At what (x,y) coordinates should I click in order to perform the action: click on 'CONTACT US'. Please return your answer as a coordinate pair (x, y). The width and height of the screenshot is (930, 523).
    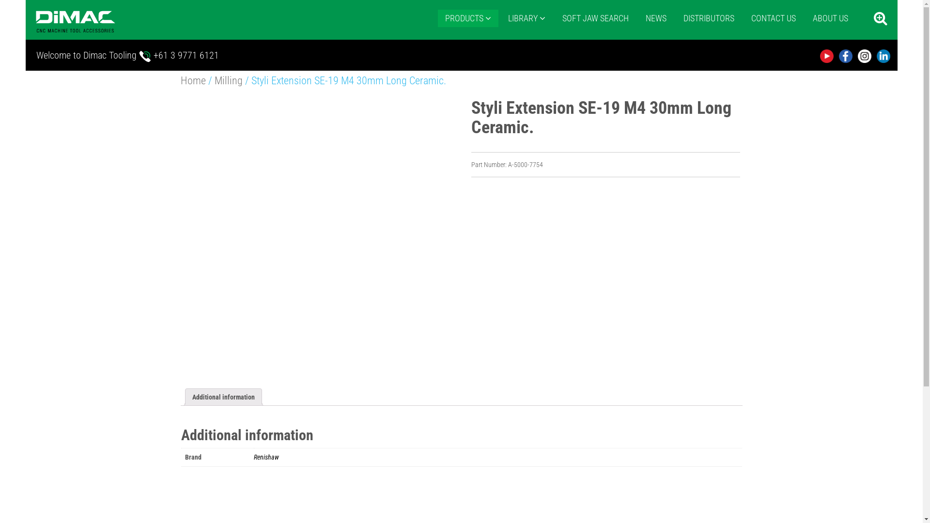
    Looking at the image, I should click on (744, 18).